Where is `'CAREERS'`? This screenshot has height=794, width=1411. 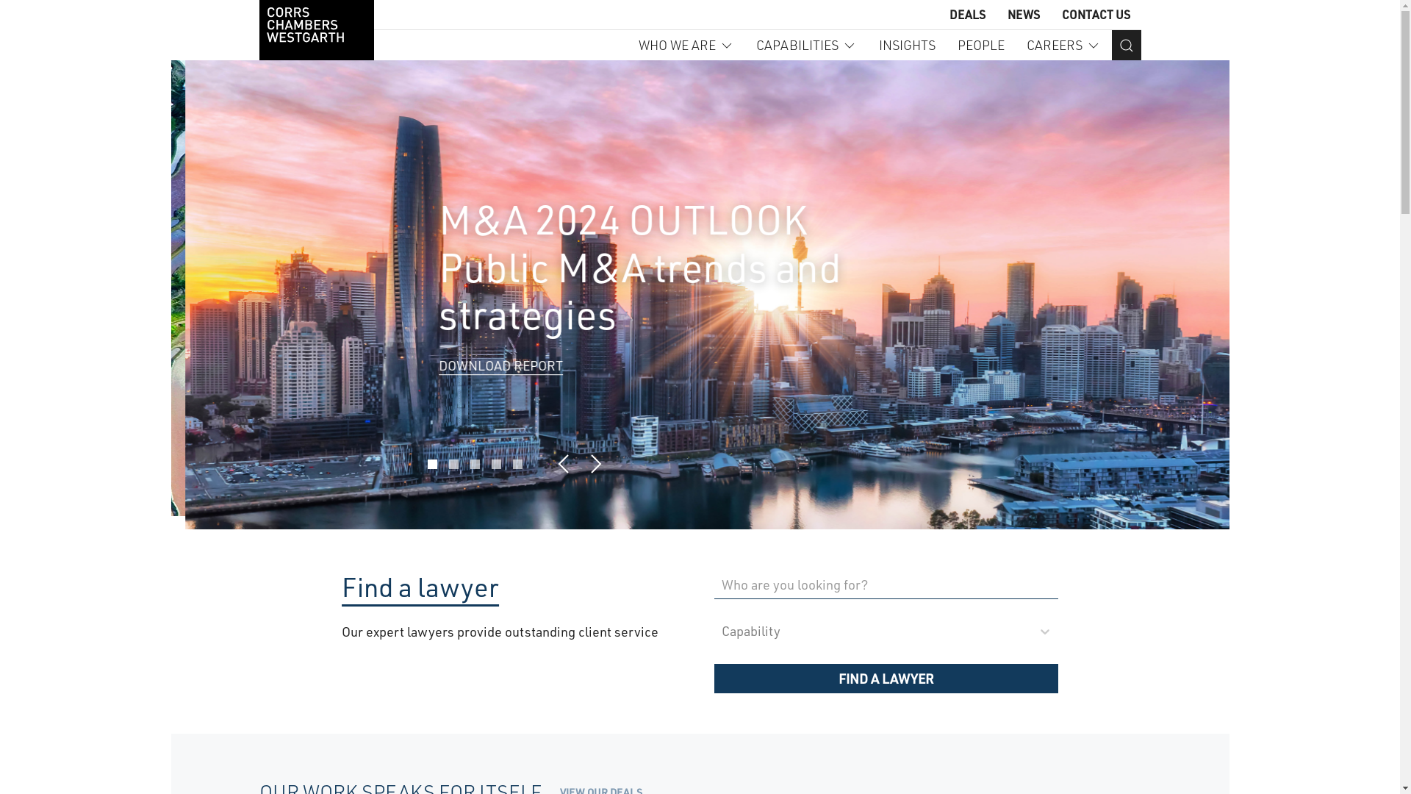 'CAREERS' is located at coordinates (1063, 44).